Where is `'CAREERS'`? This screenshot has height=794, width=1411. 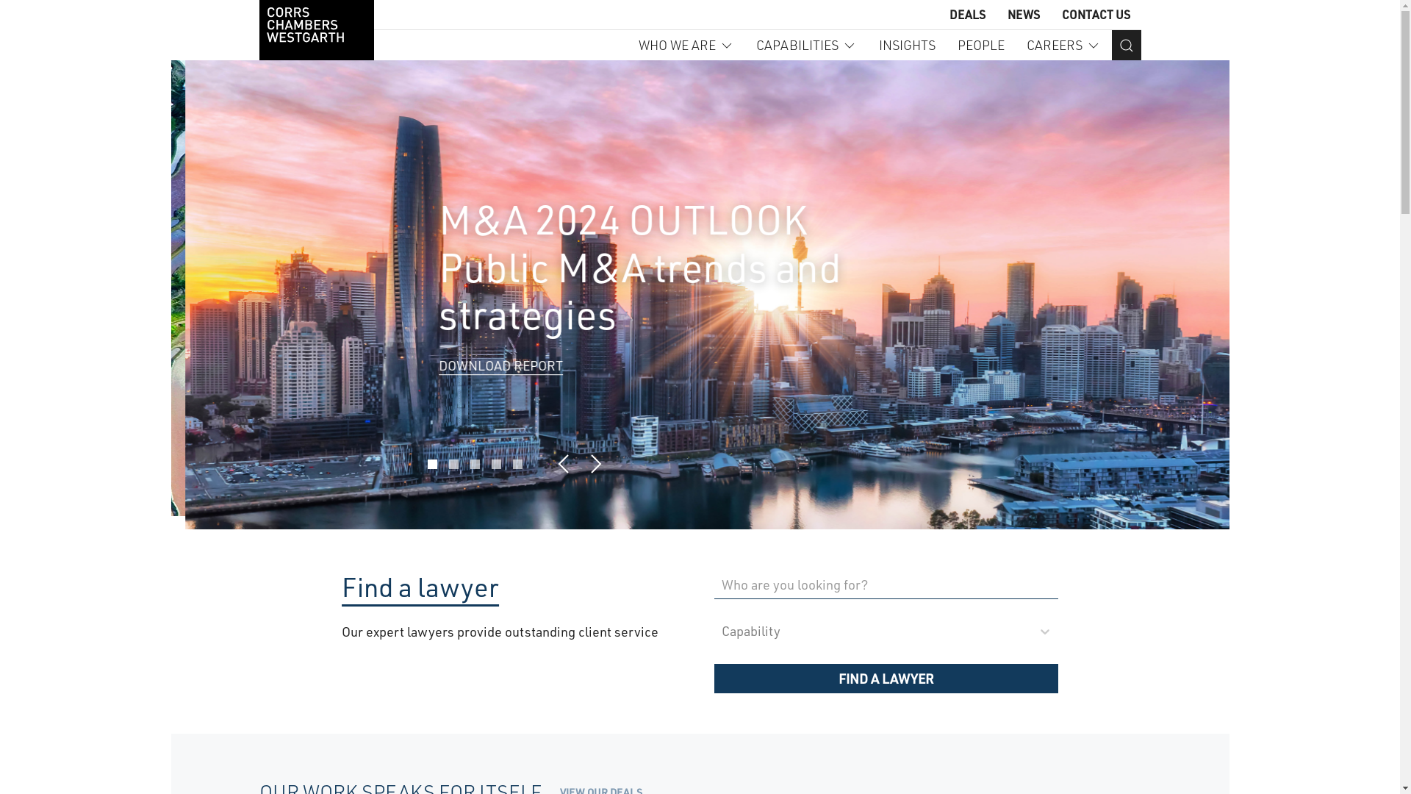 'CAREERS' is located at coordinates (1063, 44).